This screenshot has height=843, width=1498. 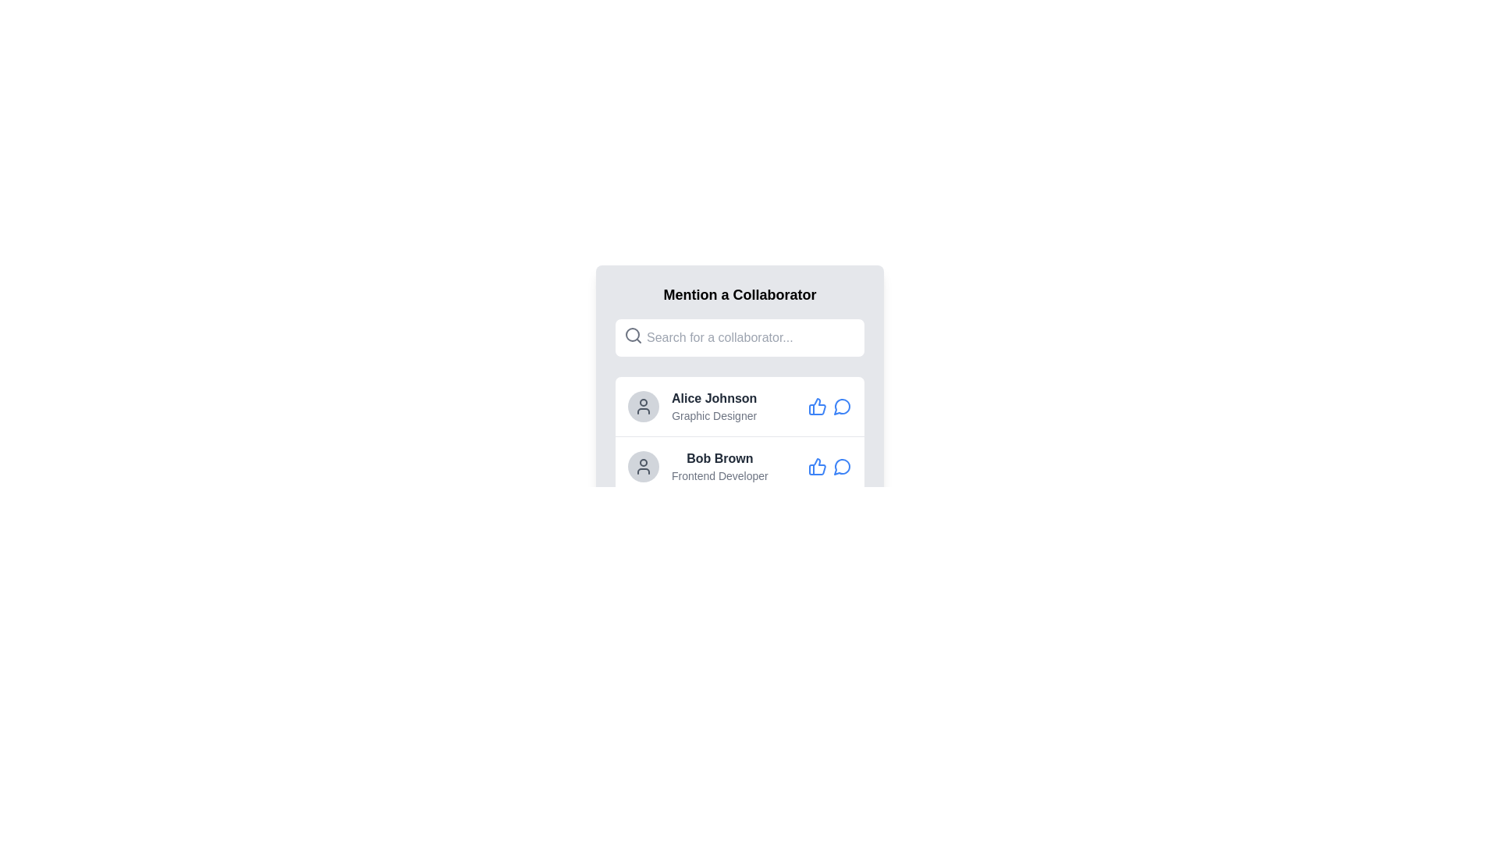 I want to click on the interactive icon that initiates or views comments related to the 'Bob Brown' entry, which is the second icon in a right-aligned group next to the thumbs-up icon, so click(x=842, y=465).